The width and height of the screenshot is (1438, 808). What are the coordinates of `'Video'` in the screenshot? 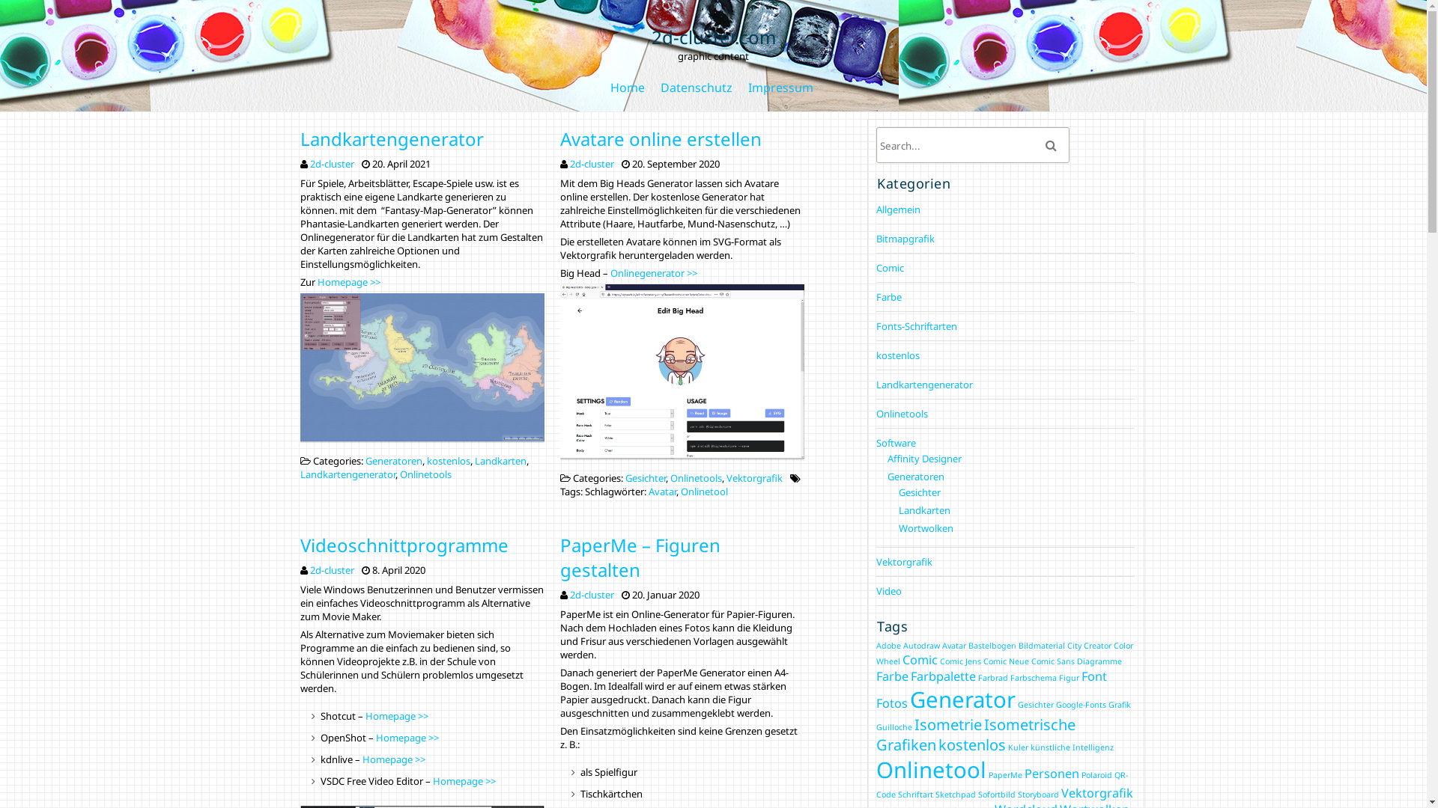 It's located at (876, 590).